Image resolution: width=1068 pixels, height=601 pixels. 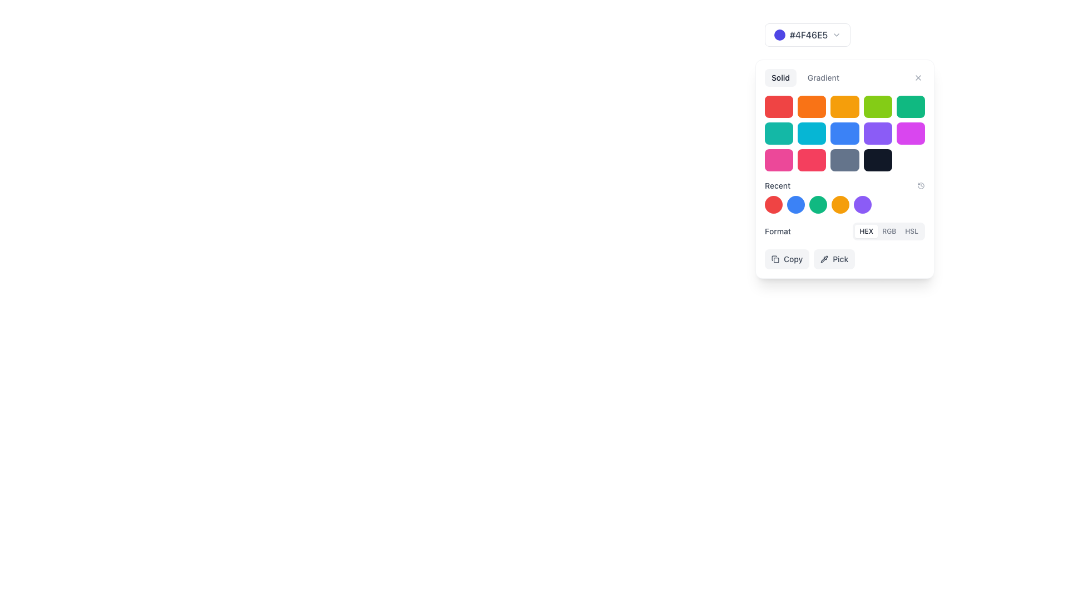 I want to click on the green color selection button located in the topmost row of the color-picker interface, which is the fifth button from the left in a group of five buttons, so click(x=911, y=107).